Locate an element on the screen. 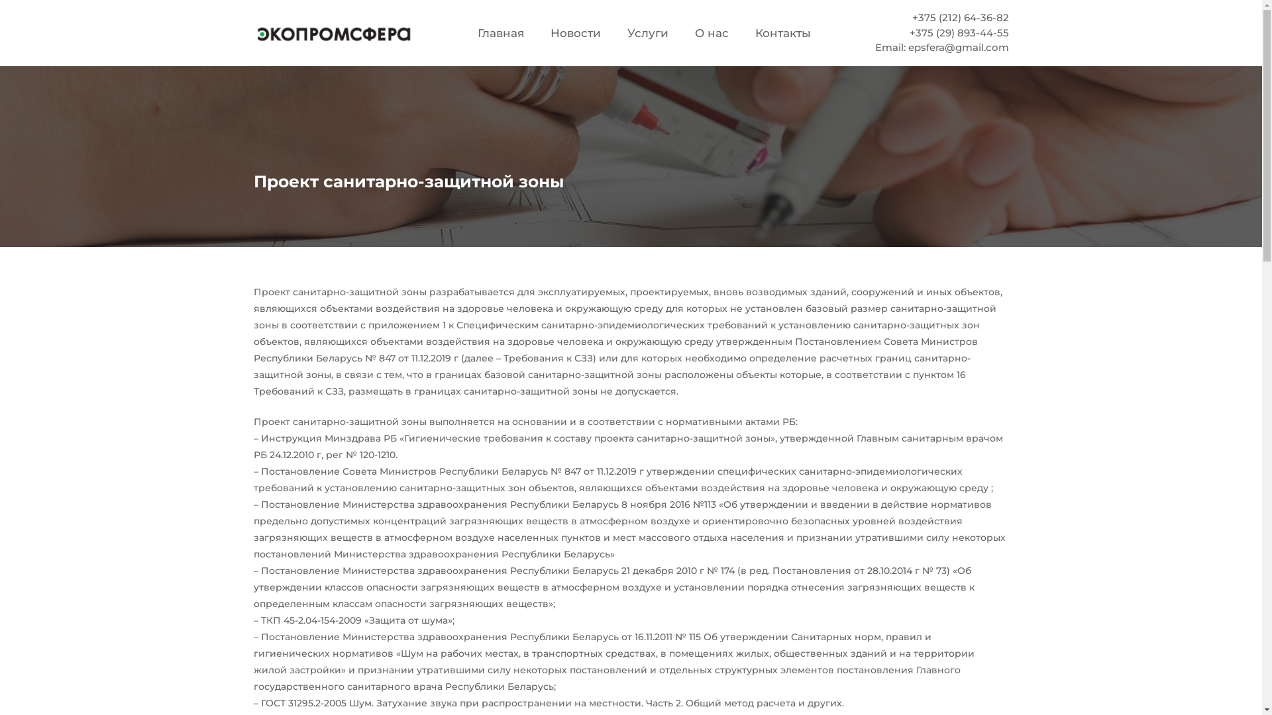  '+375 (212) 64-36-82' is located at coordinates (912, 17).